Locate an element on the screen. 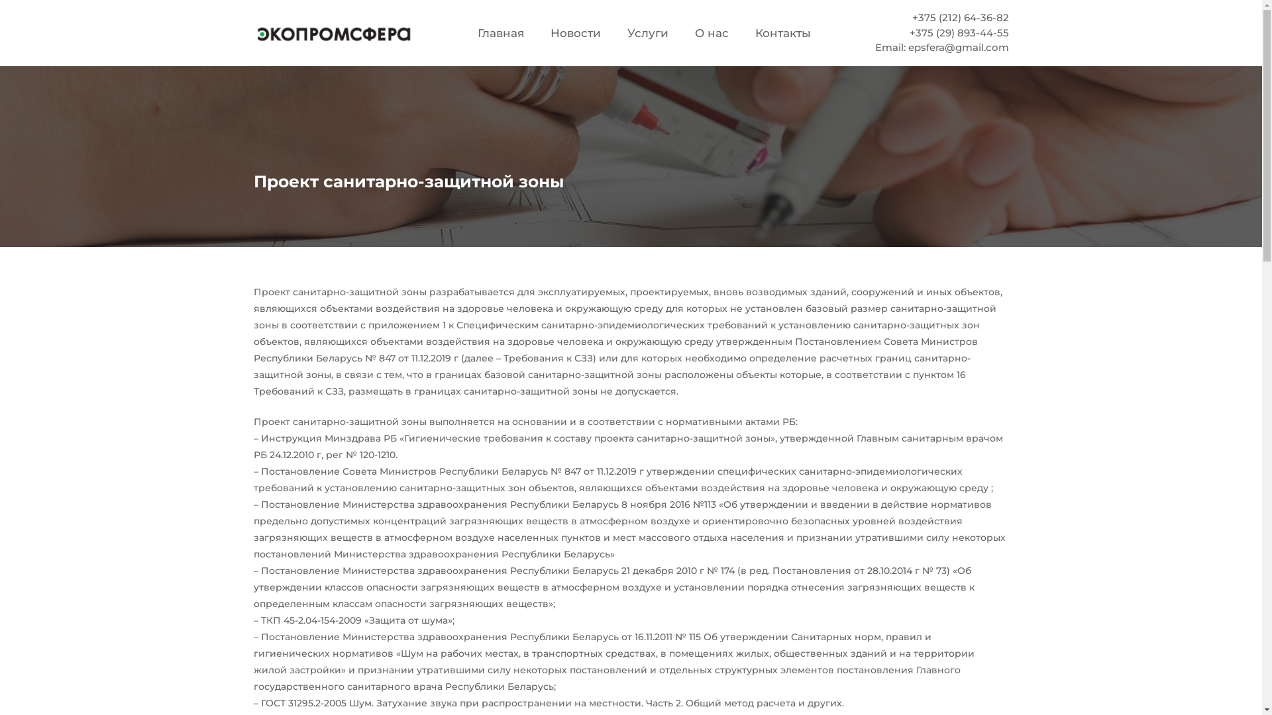  '+375 (212) 64-36-82' is located at coordinates (912, 17).